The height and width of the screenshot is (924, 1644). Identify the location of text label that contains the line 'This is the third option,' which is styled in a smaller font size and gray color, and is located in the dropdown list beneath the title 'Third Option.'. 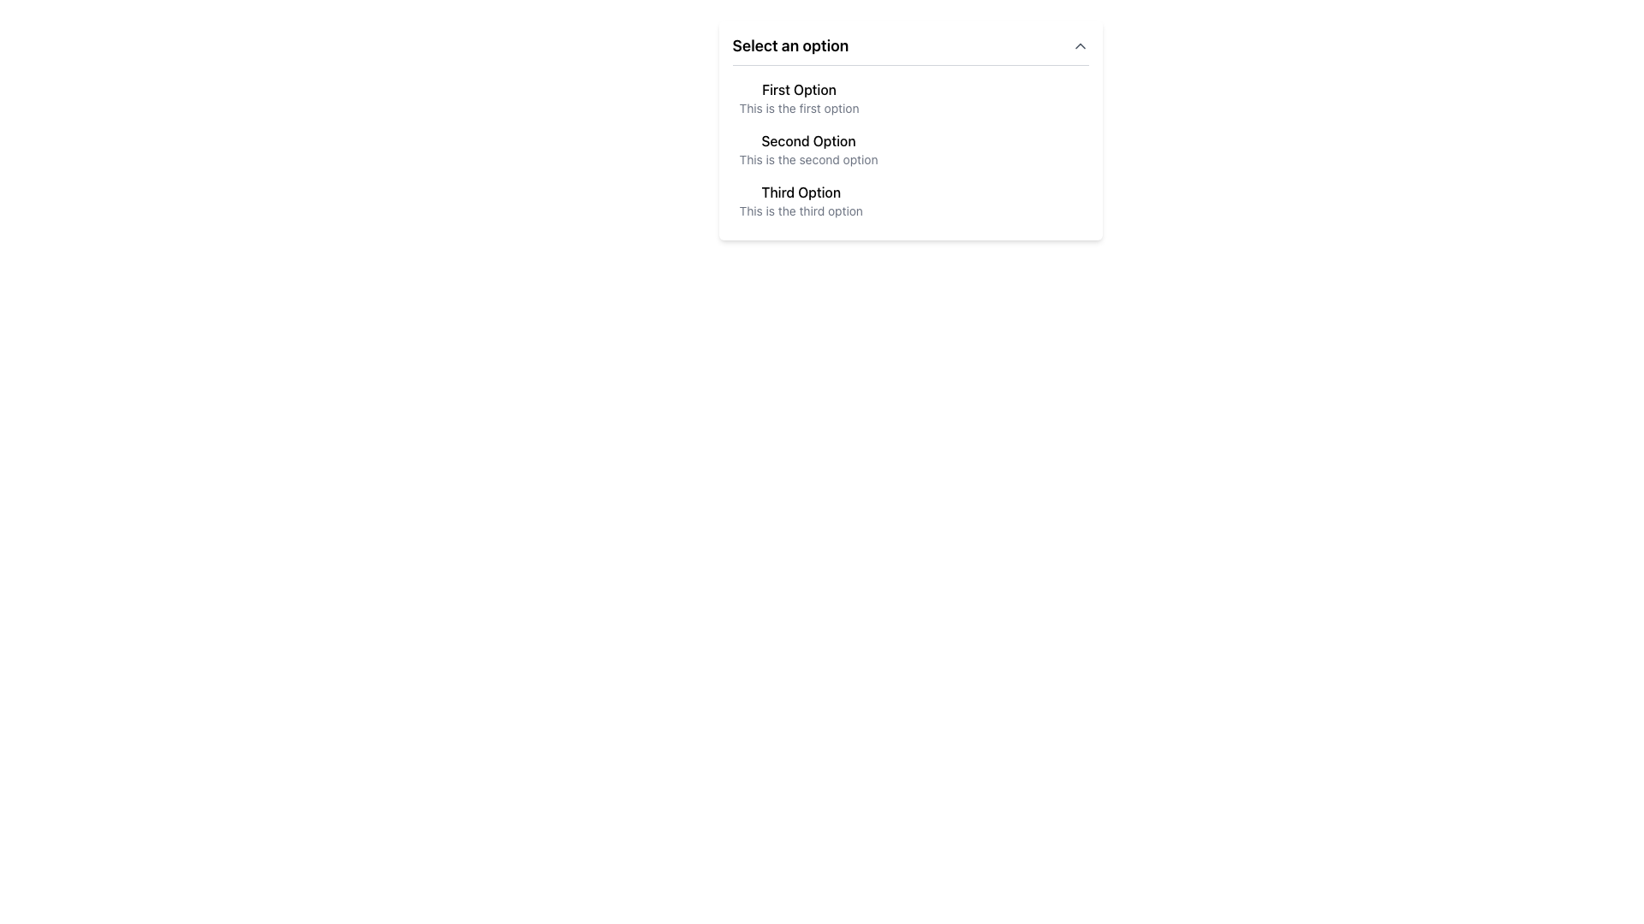
(800, 210).